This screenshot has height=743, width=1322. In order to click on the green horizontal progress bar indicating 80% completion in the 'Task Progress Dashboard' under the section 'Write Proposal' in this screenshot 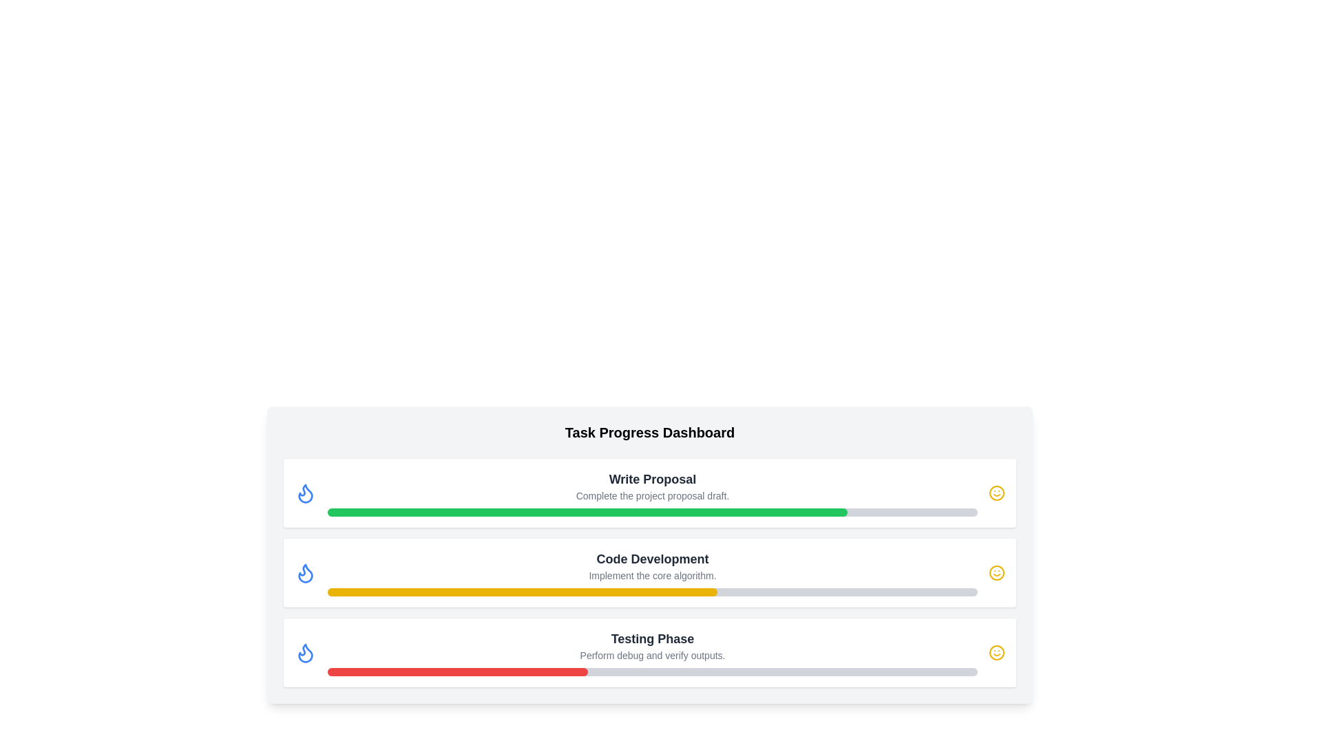, I will do `click(587, 512)`.